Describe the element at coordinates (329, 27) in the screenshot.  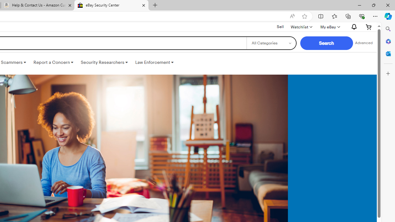
I see `'My eBay'` at that location.